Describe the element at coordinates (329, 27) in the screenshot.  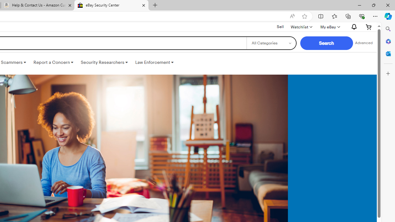
I see `'My eBay'` at that location.